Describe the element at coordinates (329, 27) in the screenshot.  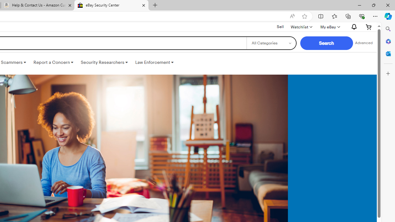
I see `'My eBay'` at that location.